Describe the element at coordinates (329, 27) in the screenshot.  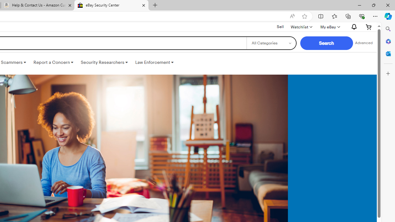
I see `'My eBay'` at that location.